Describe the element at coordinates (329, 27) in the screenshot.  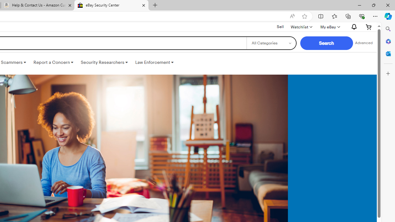
I see `'My eBay'` at that location.